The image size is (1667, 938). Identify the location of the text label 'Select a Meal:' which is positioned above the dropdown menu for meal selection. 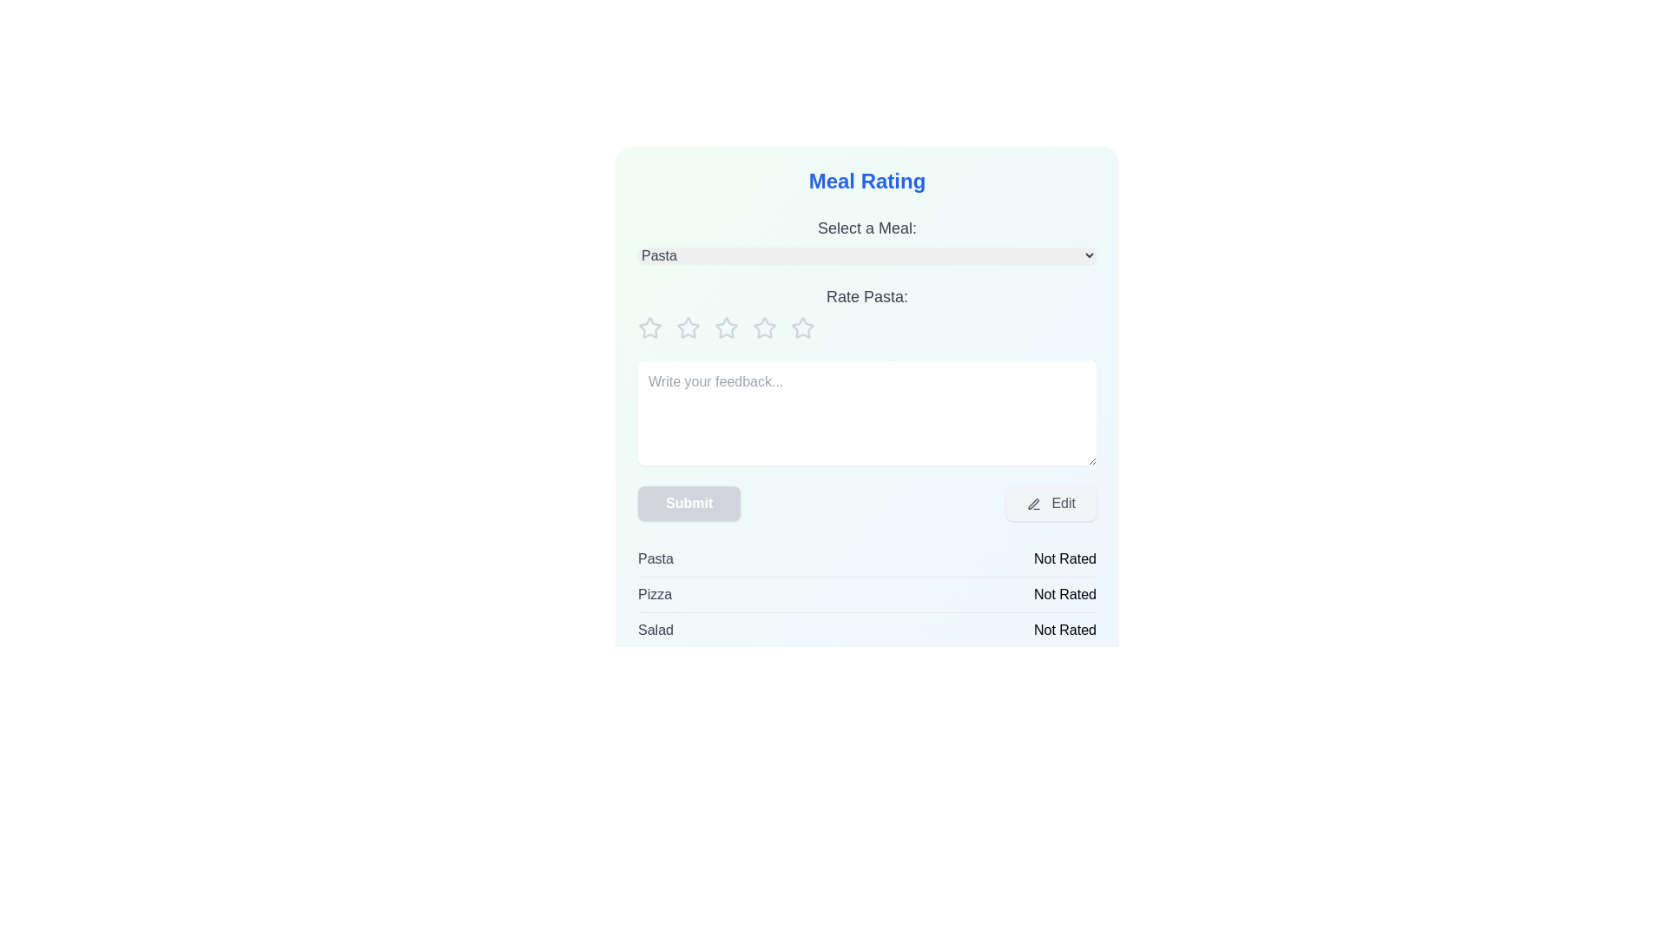
(866, 227).